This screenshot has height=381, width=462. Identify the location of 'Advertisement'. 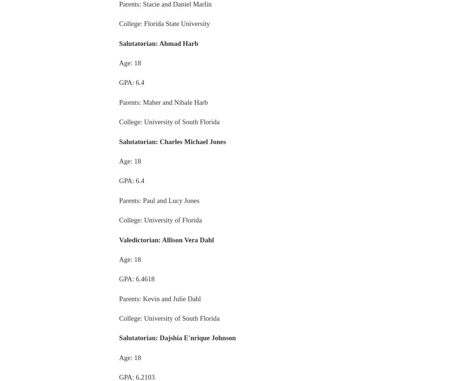
(231, 211).